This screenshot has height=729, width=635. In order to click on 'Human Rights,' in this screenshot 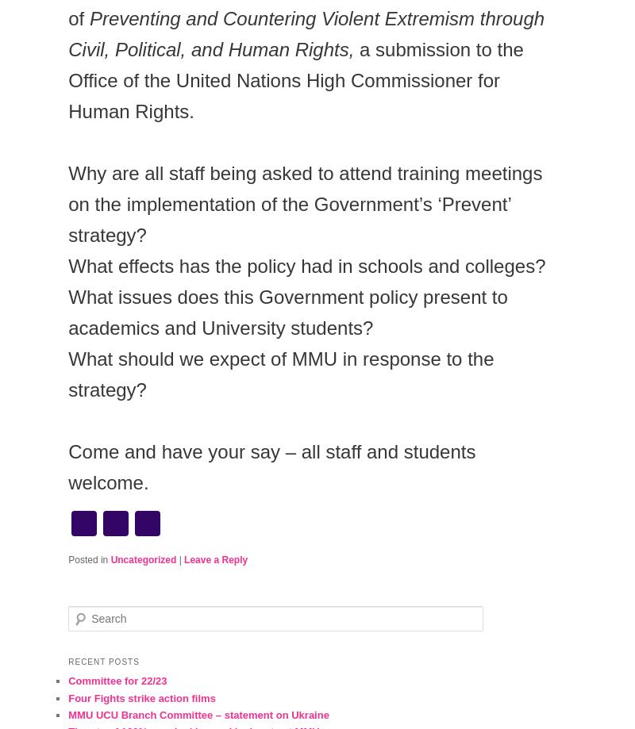, I will do `click(228, 49)`.